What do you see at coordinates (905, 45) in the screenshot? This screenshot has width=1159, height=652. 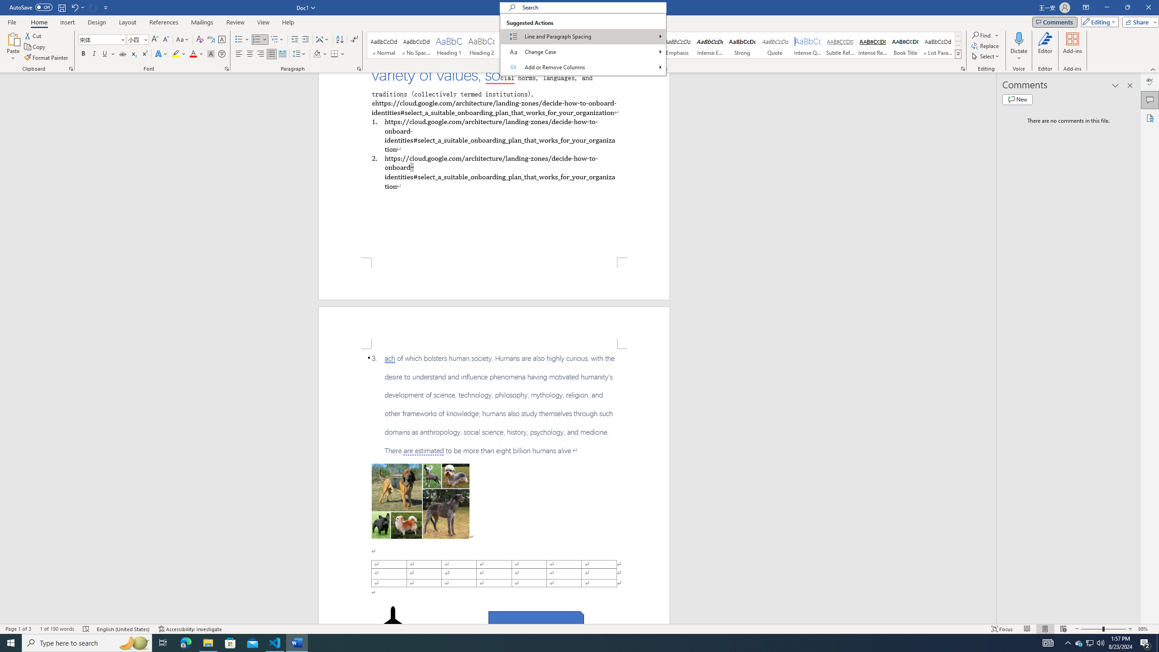 I see `'Book Title'` at bounding box center [905, 45].